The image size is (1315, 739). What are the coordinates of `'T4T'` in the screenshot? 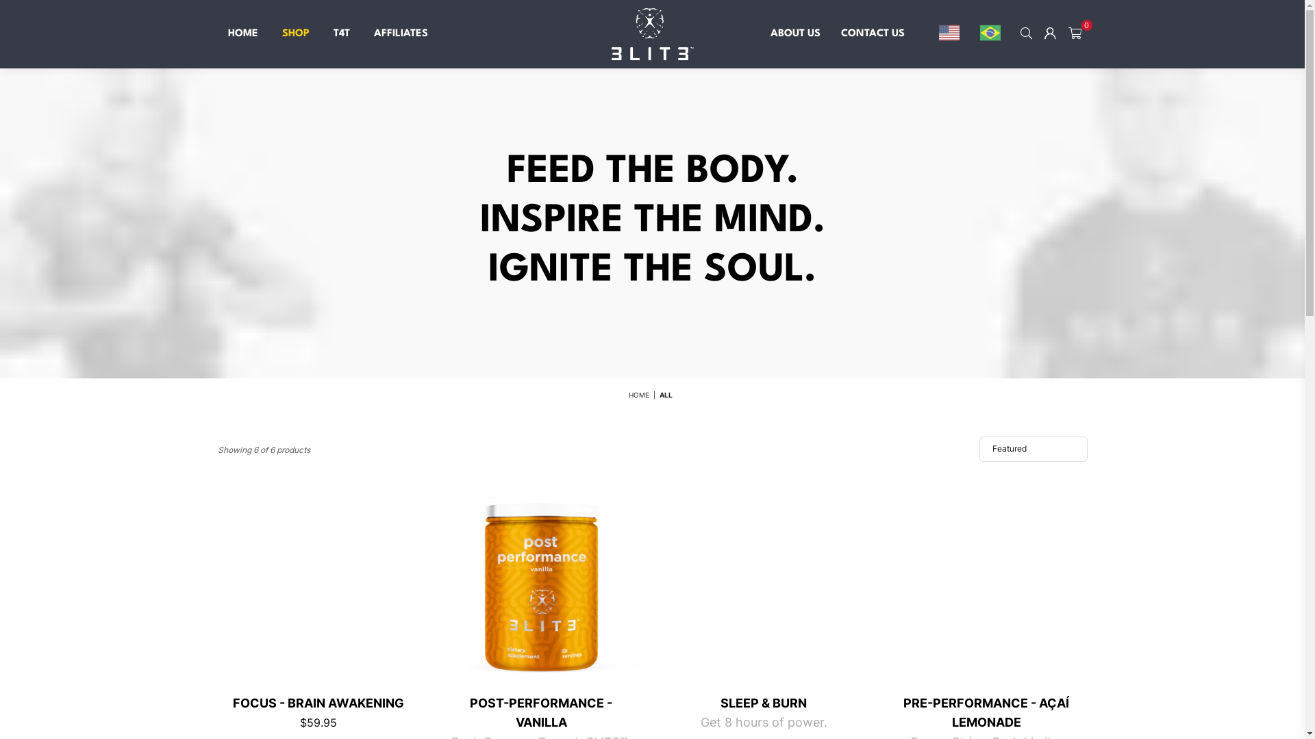 It's located at (342, 34).